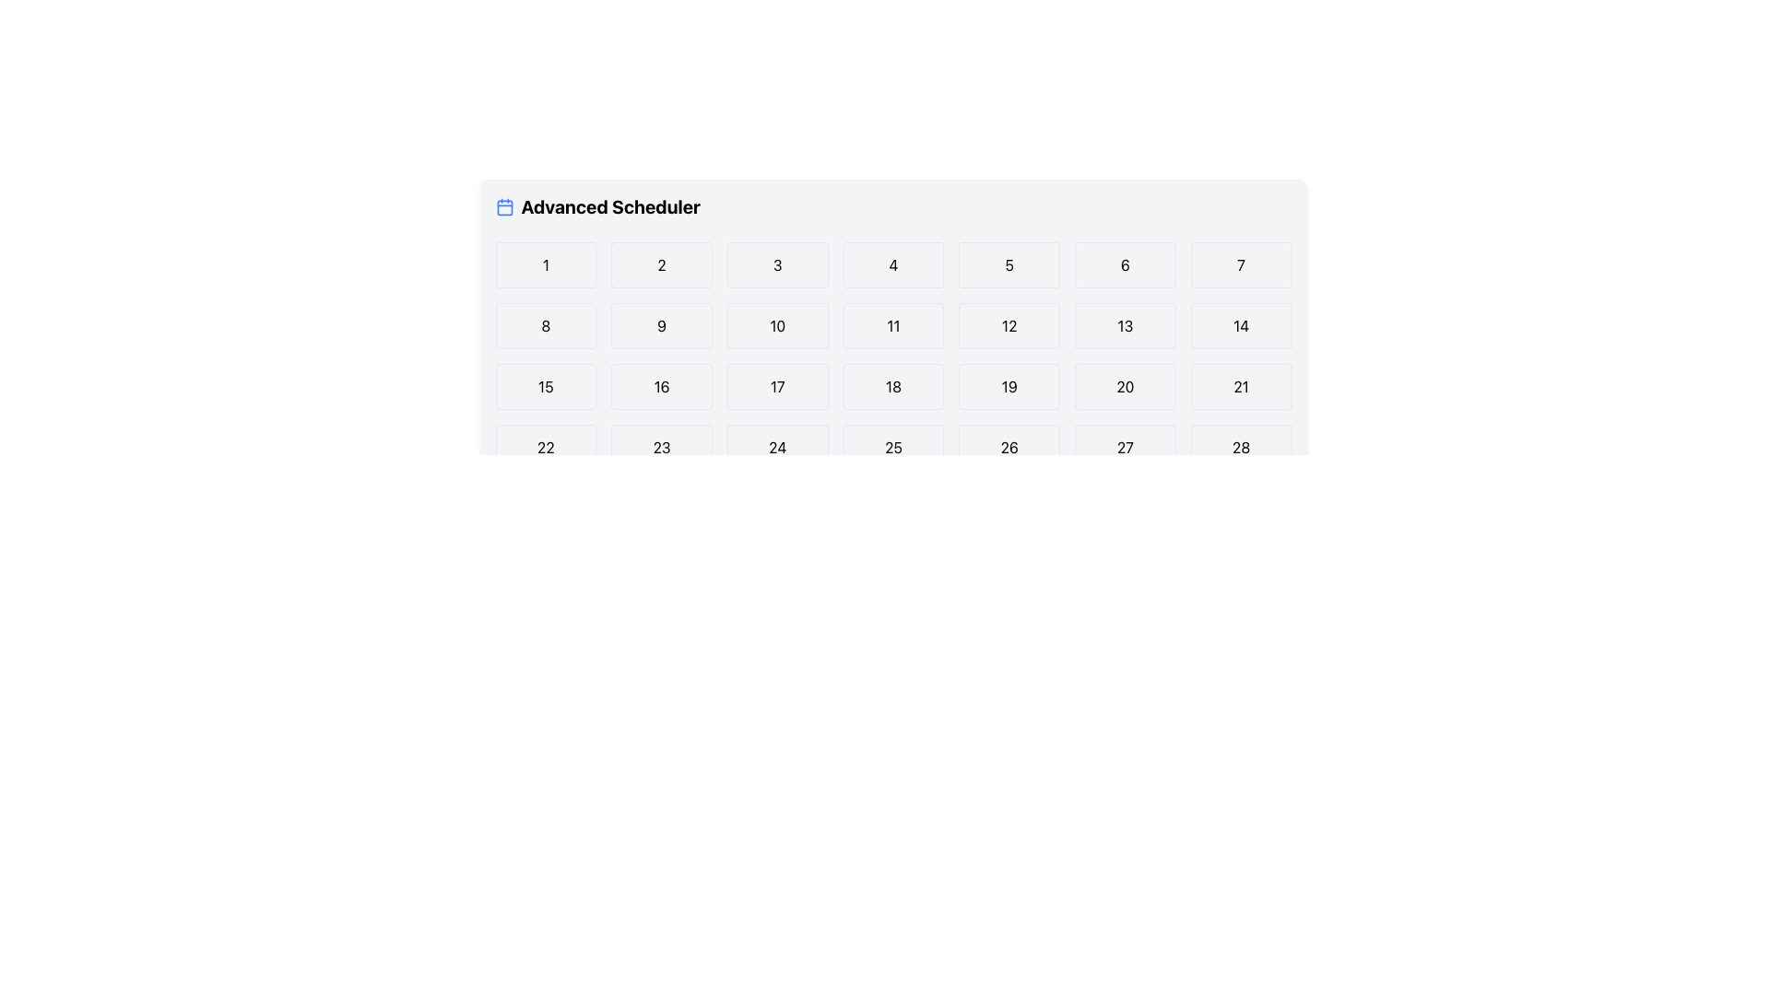  Describe the element at coordinates (662, 265) in the screenshot. I see `the second button in the top row of the grid under the 'Advanced Scheduler' section` at that location.